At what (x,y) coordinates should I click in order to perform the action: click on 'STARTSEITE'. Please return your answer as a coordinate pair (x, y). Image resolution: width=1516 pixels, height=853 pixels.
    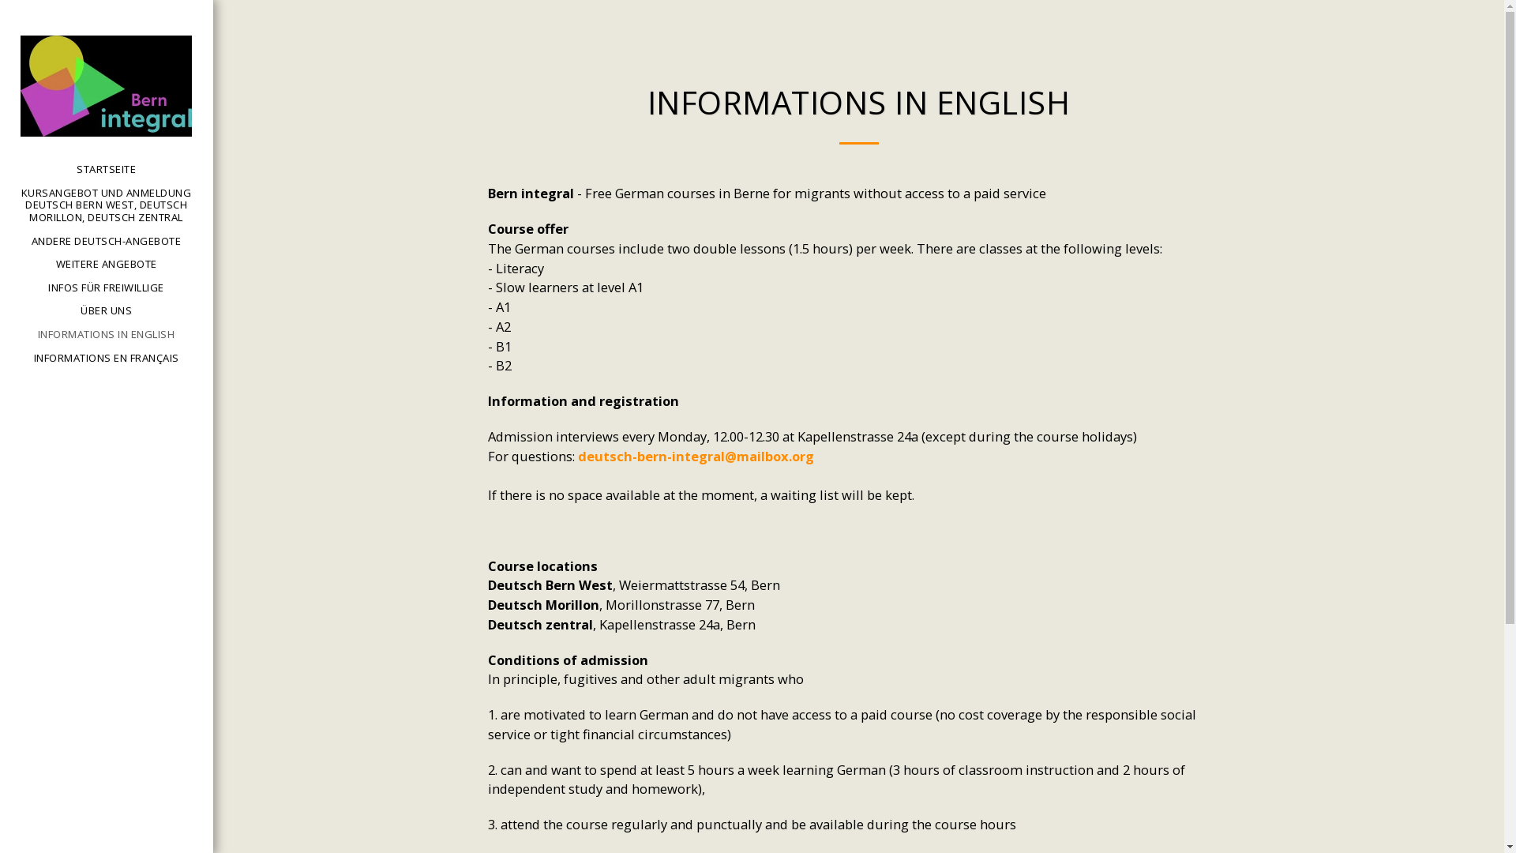
    Looking at the image, I should click on (75, 170).